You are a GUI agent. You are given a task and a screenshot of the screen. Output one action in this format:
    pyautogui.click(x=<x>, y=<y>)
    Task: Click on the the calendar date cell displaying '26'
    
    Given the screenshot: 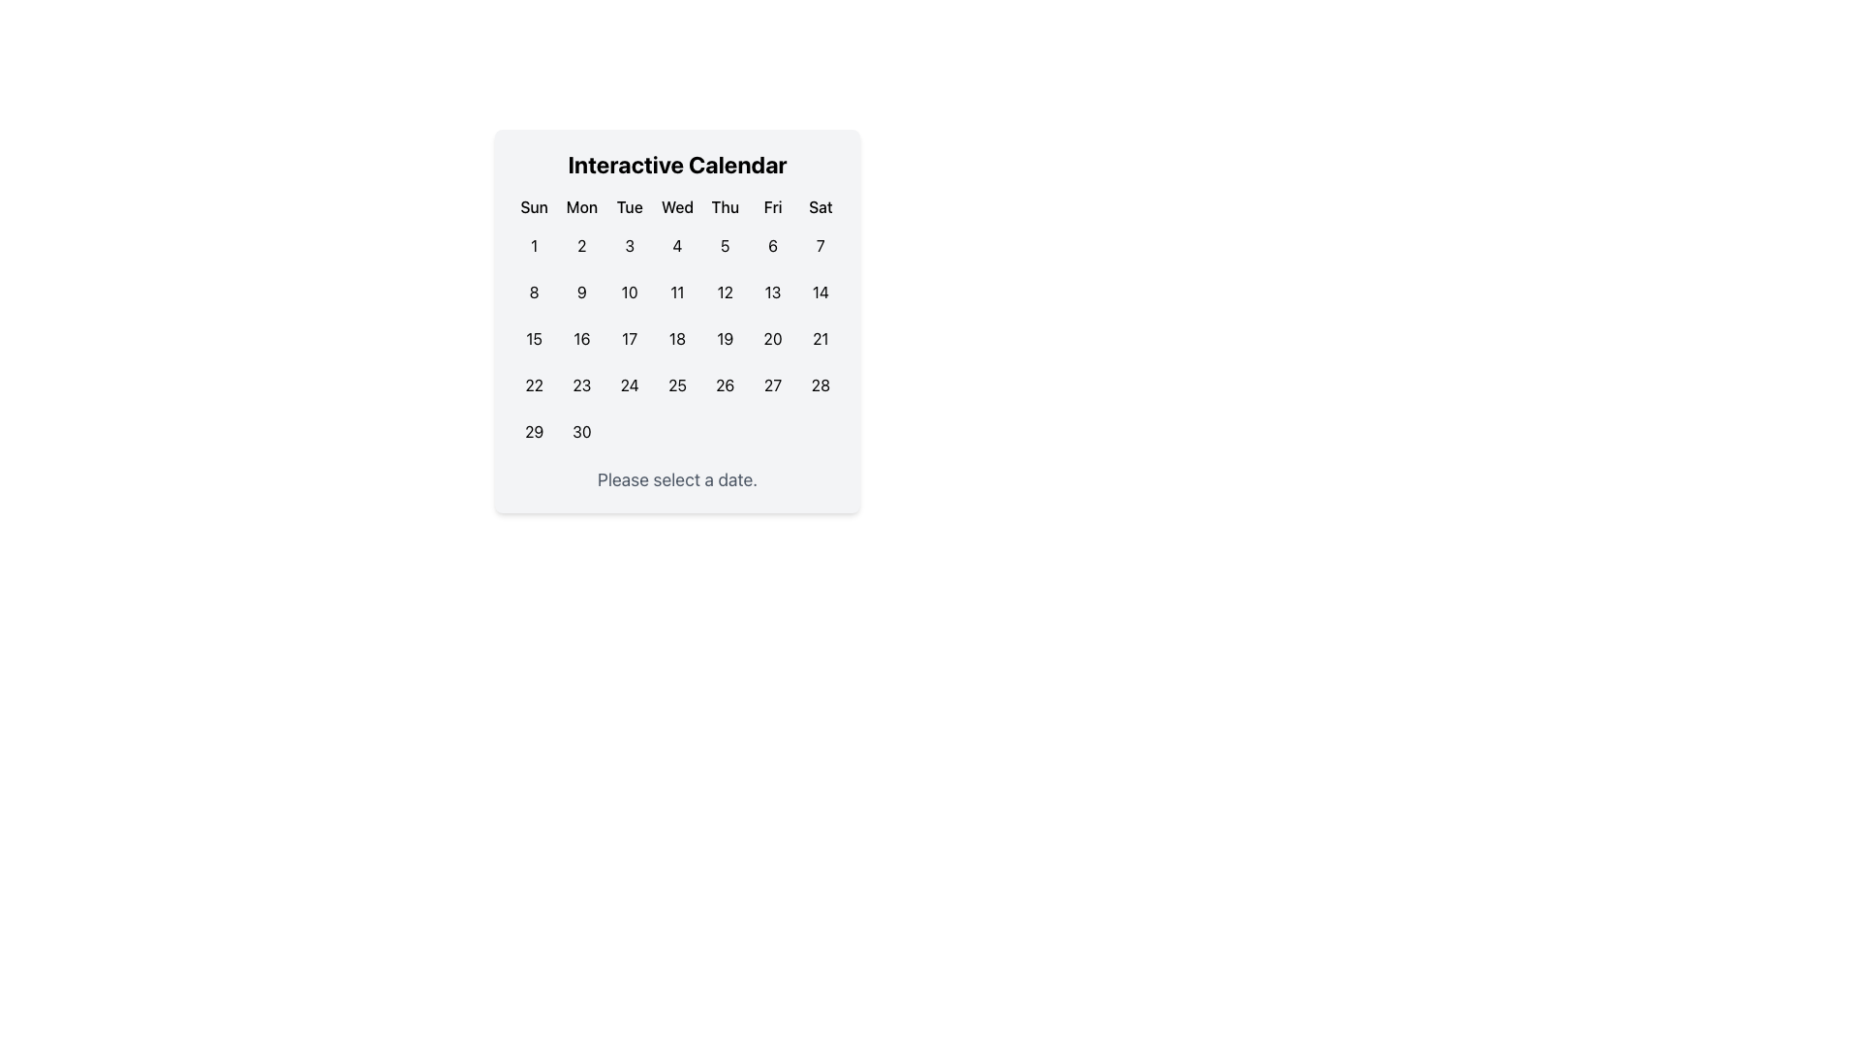 What is the action you would take?
    pyautogui.click(x=724, y=385)
    